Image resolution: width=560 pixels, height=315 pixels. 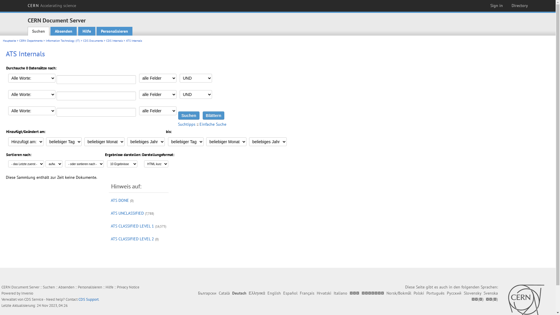 What do you see at coordinates (9, 40) in the screenshot?
I see `'Hauptseite'` at bounding box center [9, 40].